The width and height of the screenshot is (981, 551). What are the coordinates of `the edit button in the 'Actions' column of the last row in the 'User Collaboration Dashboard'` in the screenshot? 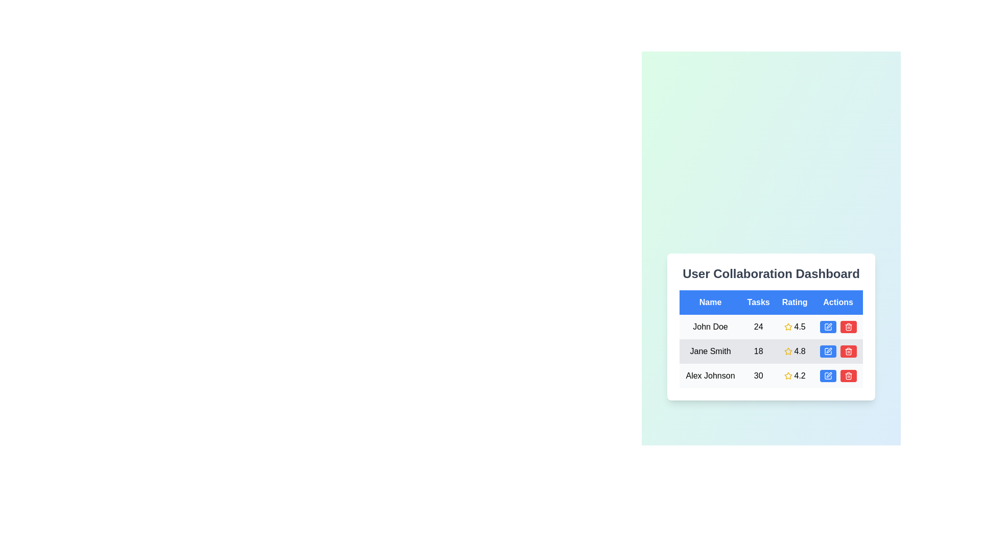 It's located at (828, 375).